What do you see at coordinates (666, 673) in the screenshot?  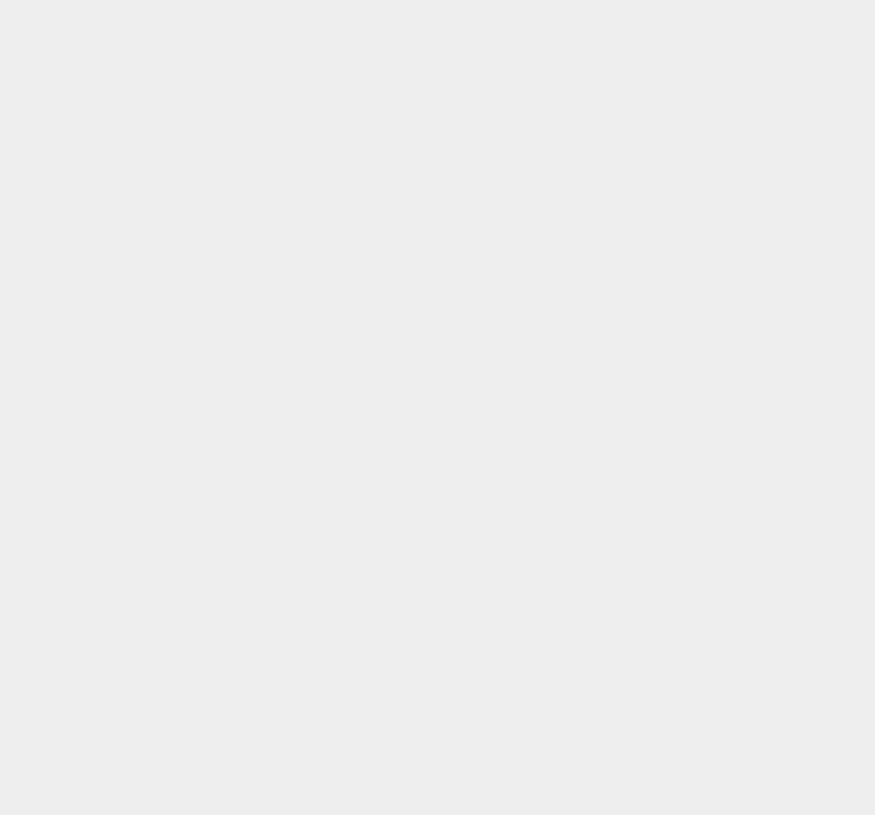 I see `'Secure Socket Layer'` at bounding box center [666, 673].